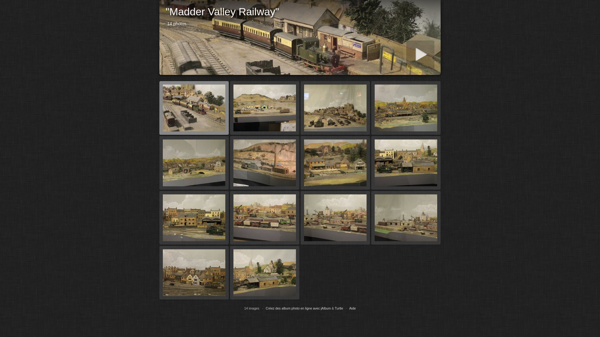  I want to click on 'Aide', so click(352, 308).